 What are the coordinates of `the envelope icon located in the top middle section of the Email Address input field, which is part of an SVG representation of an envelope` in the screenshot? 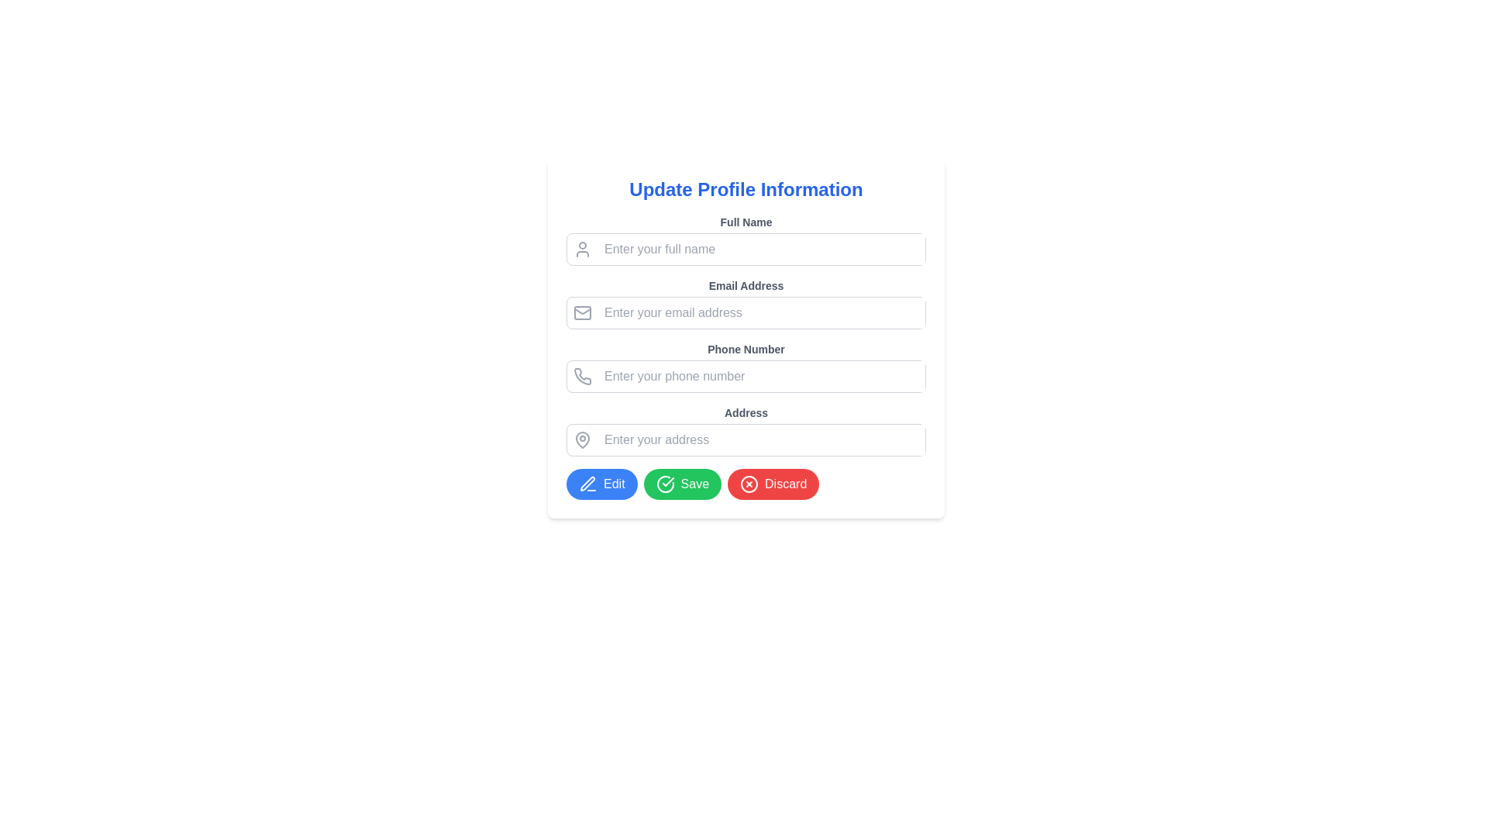 It's located at (582, 311).